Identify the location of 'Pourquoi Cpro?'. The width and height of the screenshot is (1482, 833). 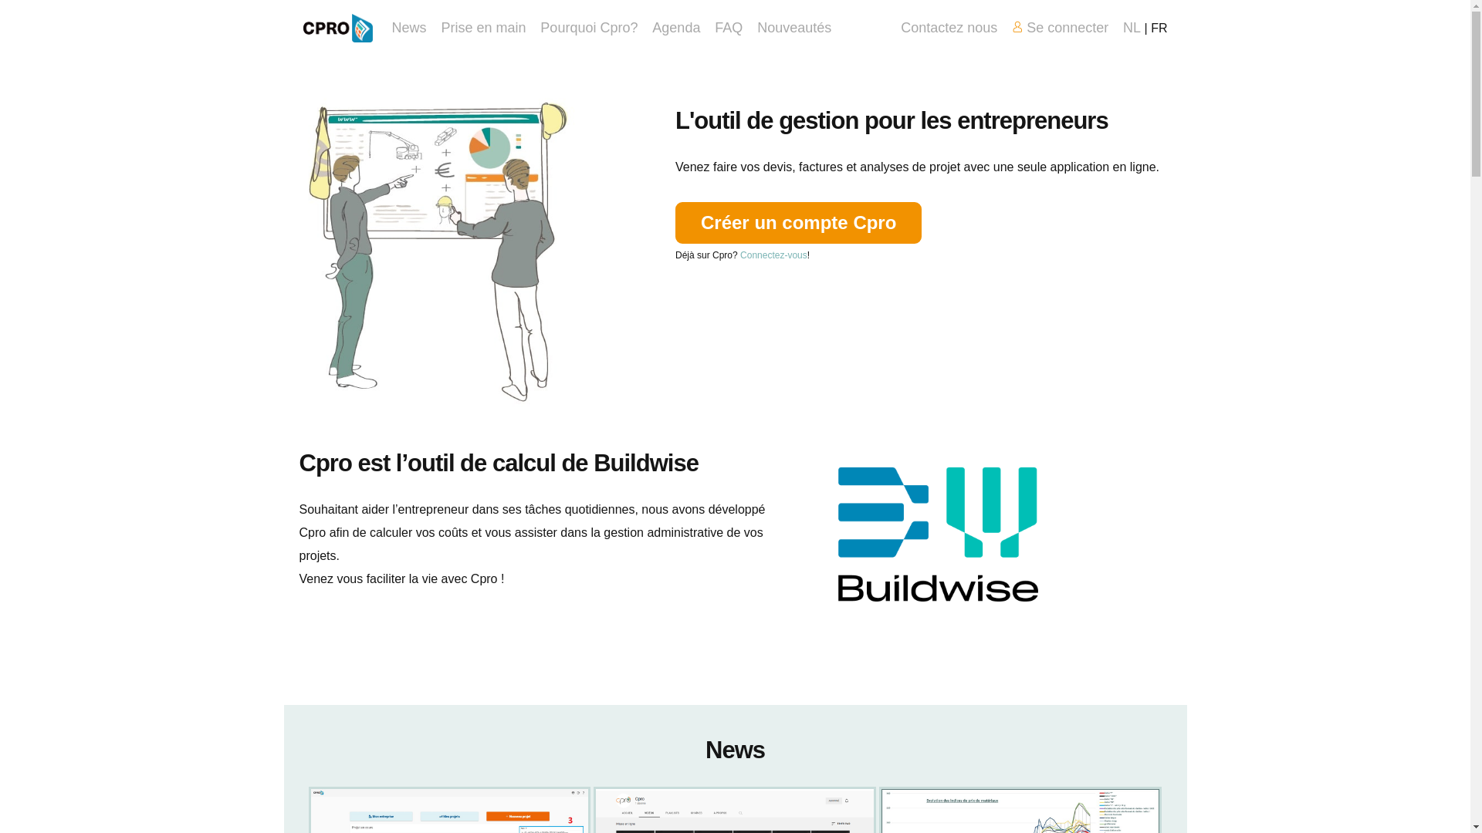
(588, 27).